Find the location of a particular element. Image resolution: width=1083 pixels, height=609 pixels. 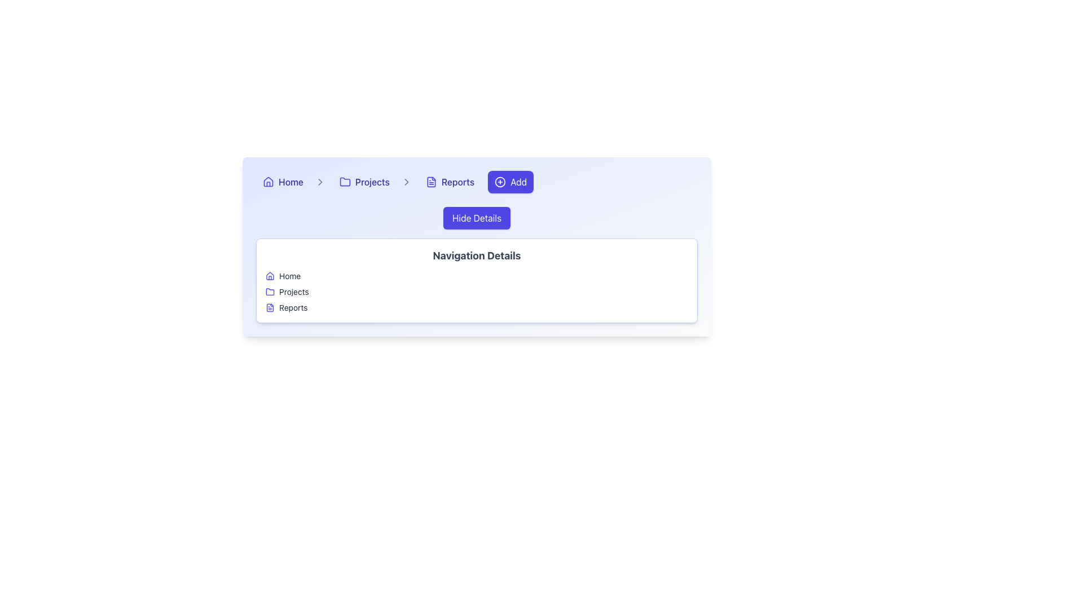

the 'Projects' icon, which symbolizes the concept of 'Projects' and is located to the left of the 'Projects' text is located at coordinates (270, 291).